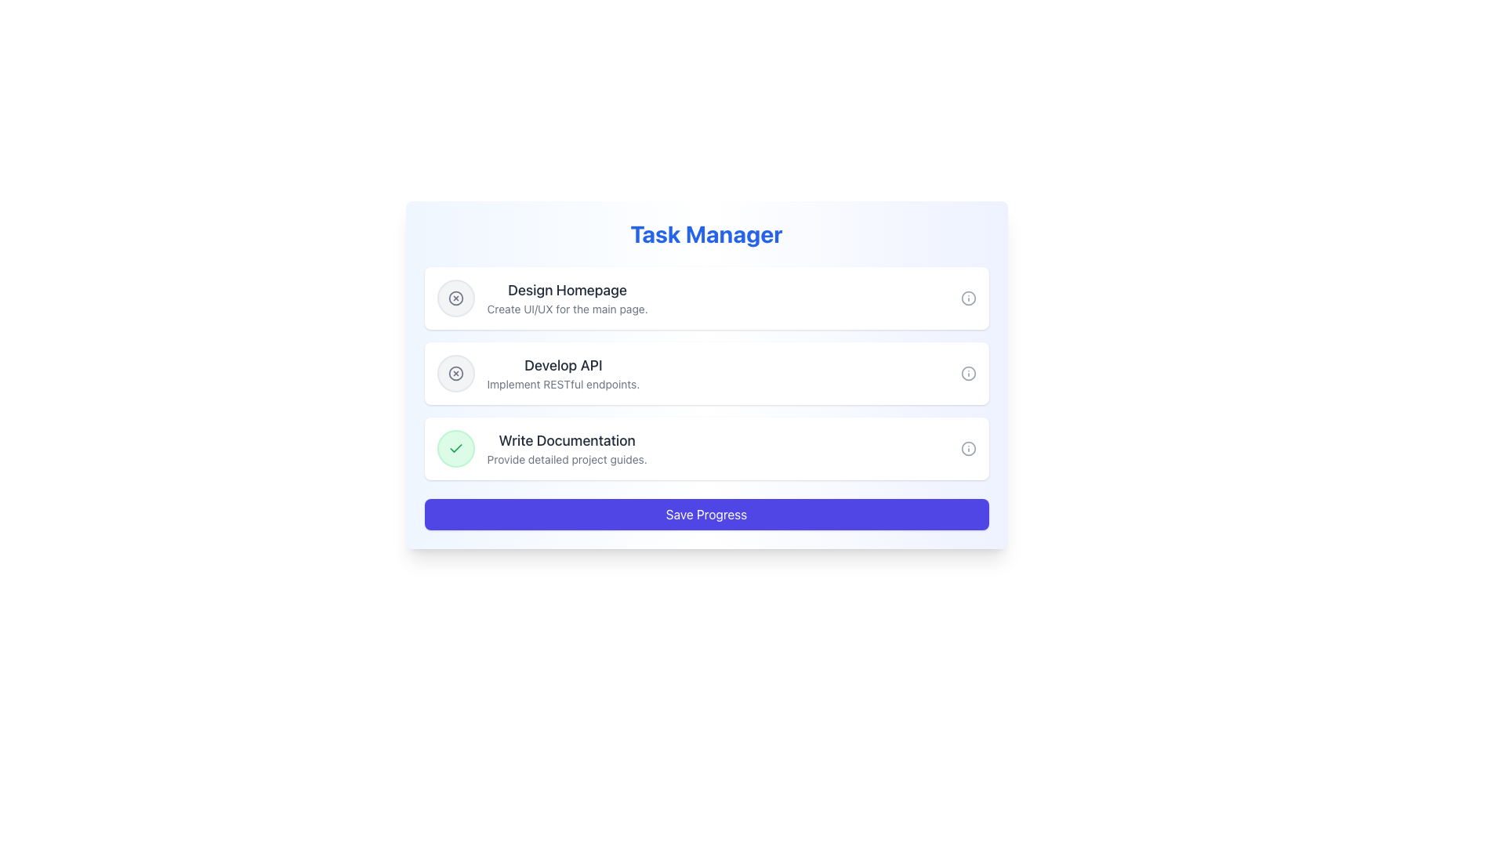 This screenshot has width=1505, height=846. Describe the element at coordinates (538, 374) in the screenshot. I see `the task description text element located in the middle task card, which provides context for the adjacent interactive elements` at that location.